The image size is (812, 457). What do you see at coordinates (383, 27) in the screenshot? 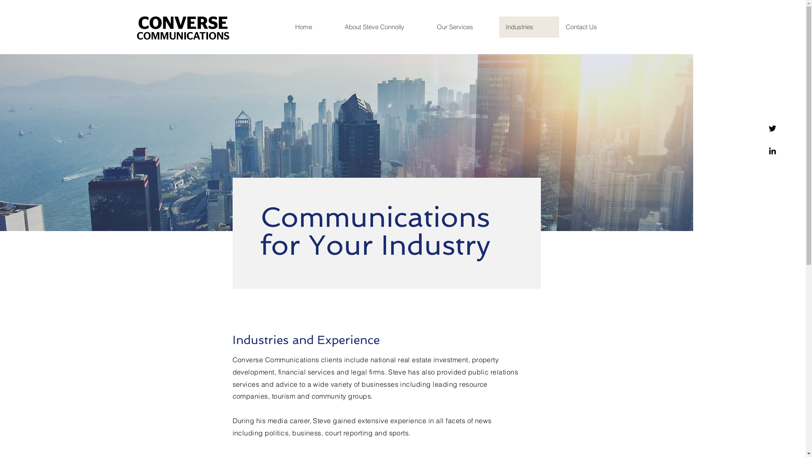
I see `'About Steve Connolly'` at bounding box center [383, 27].